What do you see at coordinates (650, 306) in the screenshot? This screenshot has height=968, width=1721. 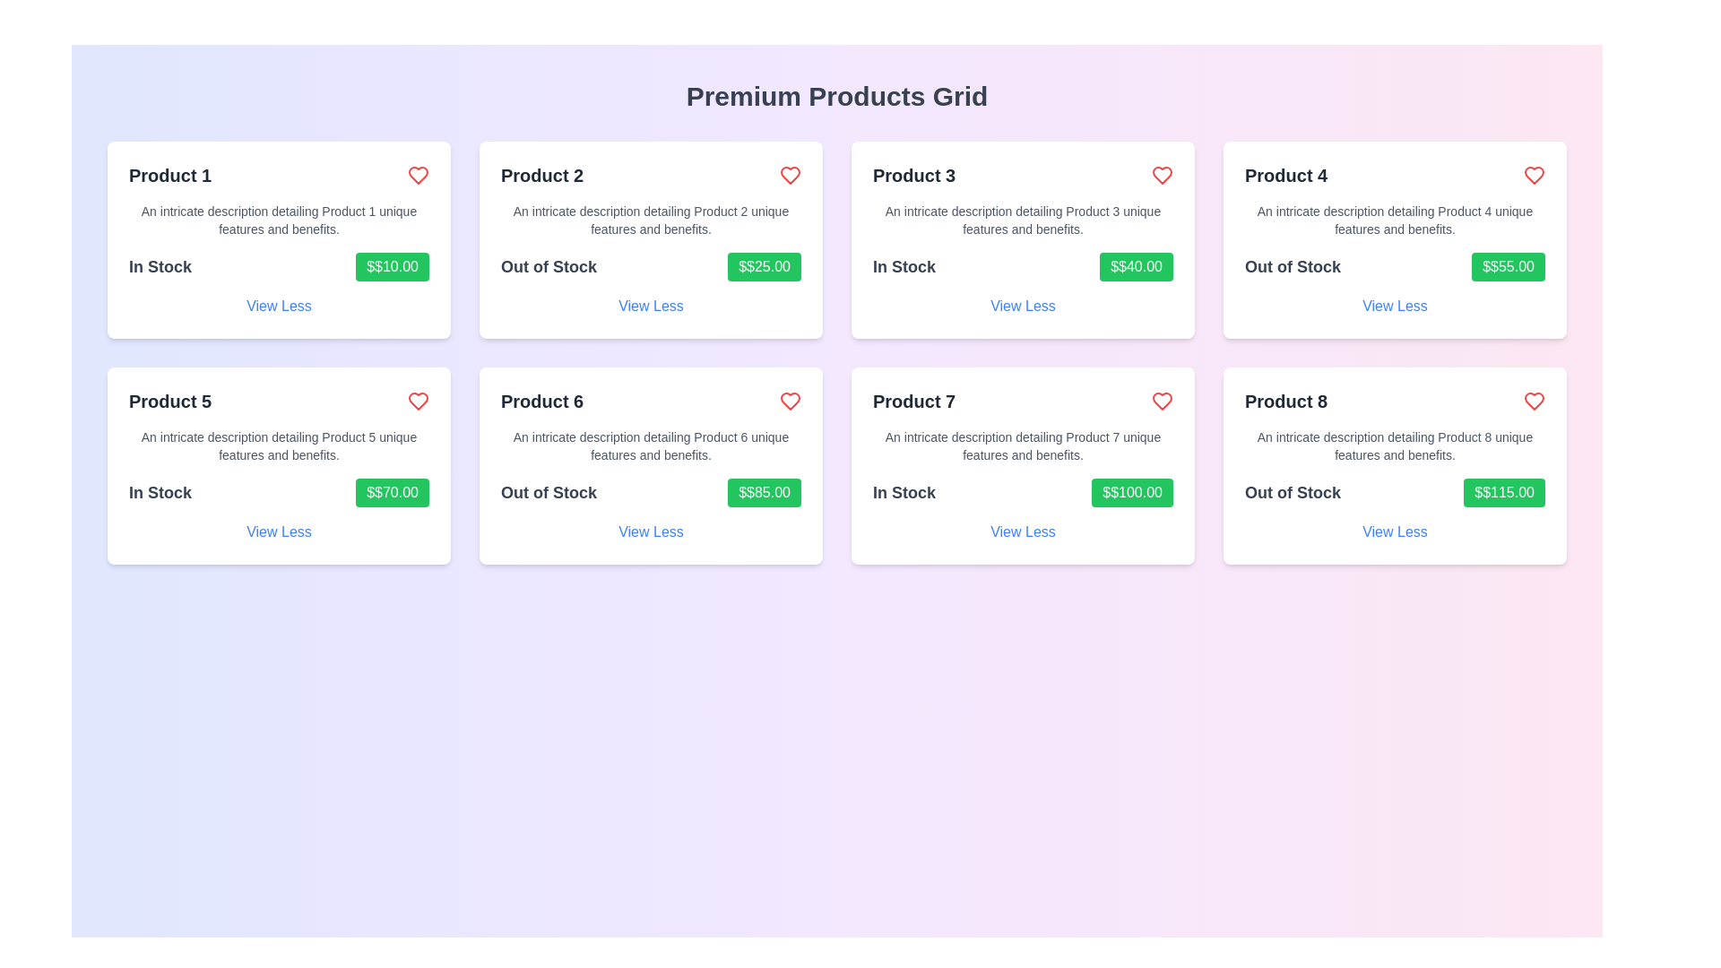 I see `the blue-colored hyperlink styled with an underline that displays the text 'View Less'` at bounding box center [650, 306].